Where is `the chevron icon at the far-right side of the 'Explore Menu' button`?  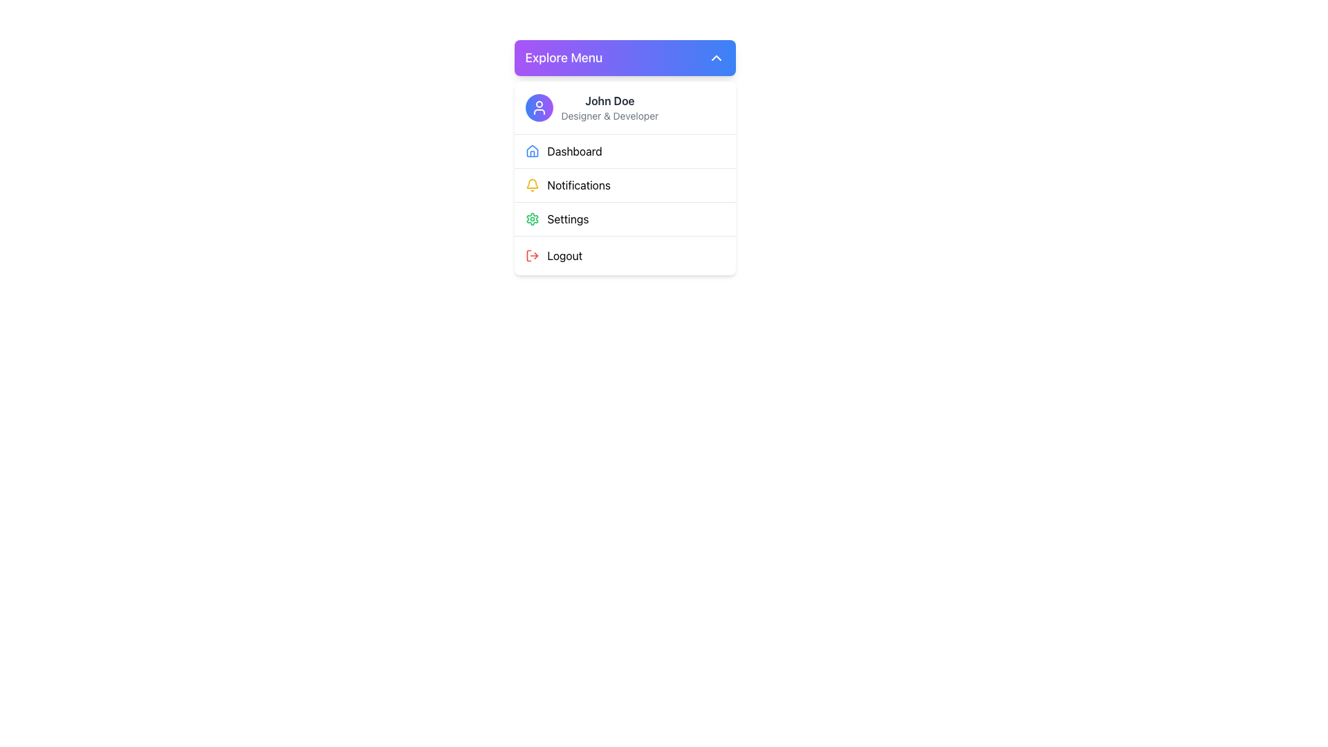
the chevron icon at the far-right side of the 'Explore Menu' button is located at coordinates (716, 57).